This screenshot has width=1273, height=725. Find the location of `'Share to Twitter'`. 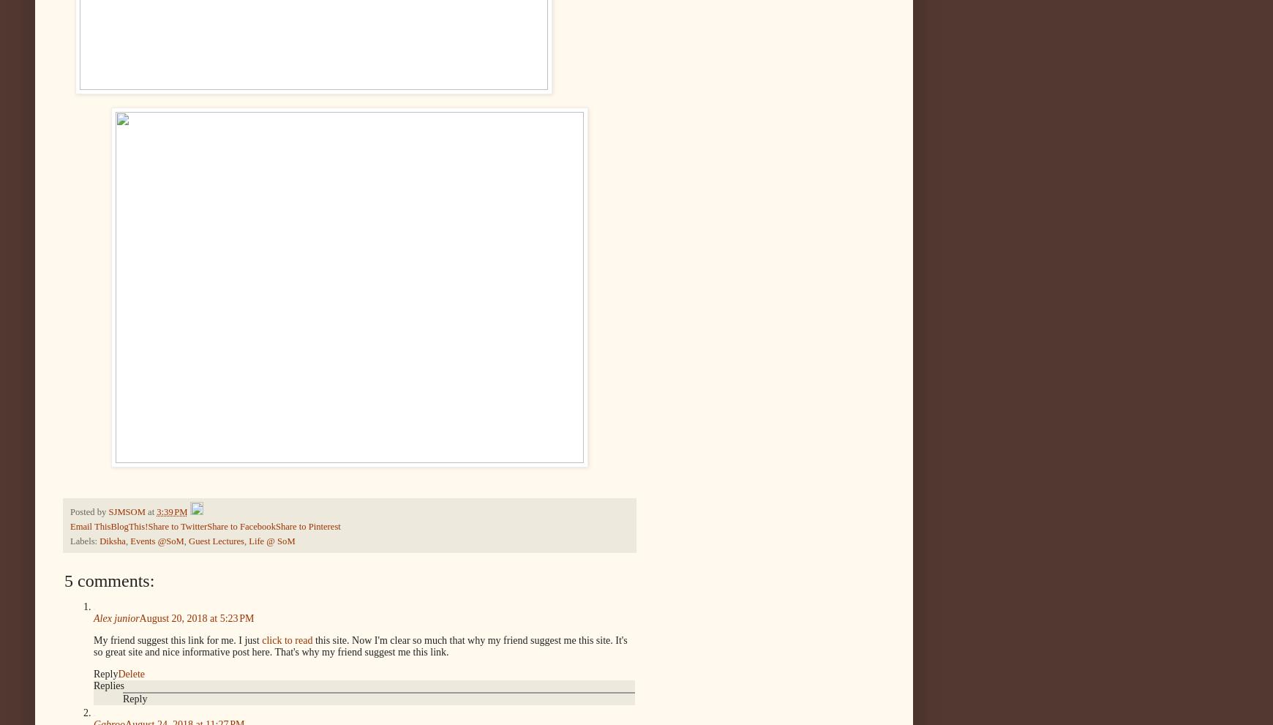

'Share to Twitter' is located at coordinates (147, 525).